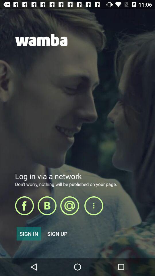  Describe the element at coordinates (47, 206) in the screenshot. I see `open selected item` at that location.